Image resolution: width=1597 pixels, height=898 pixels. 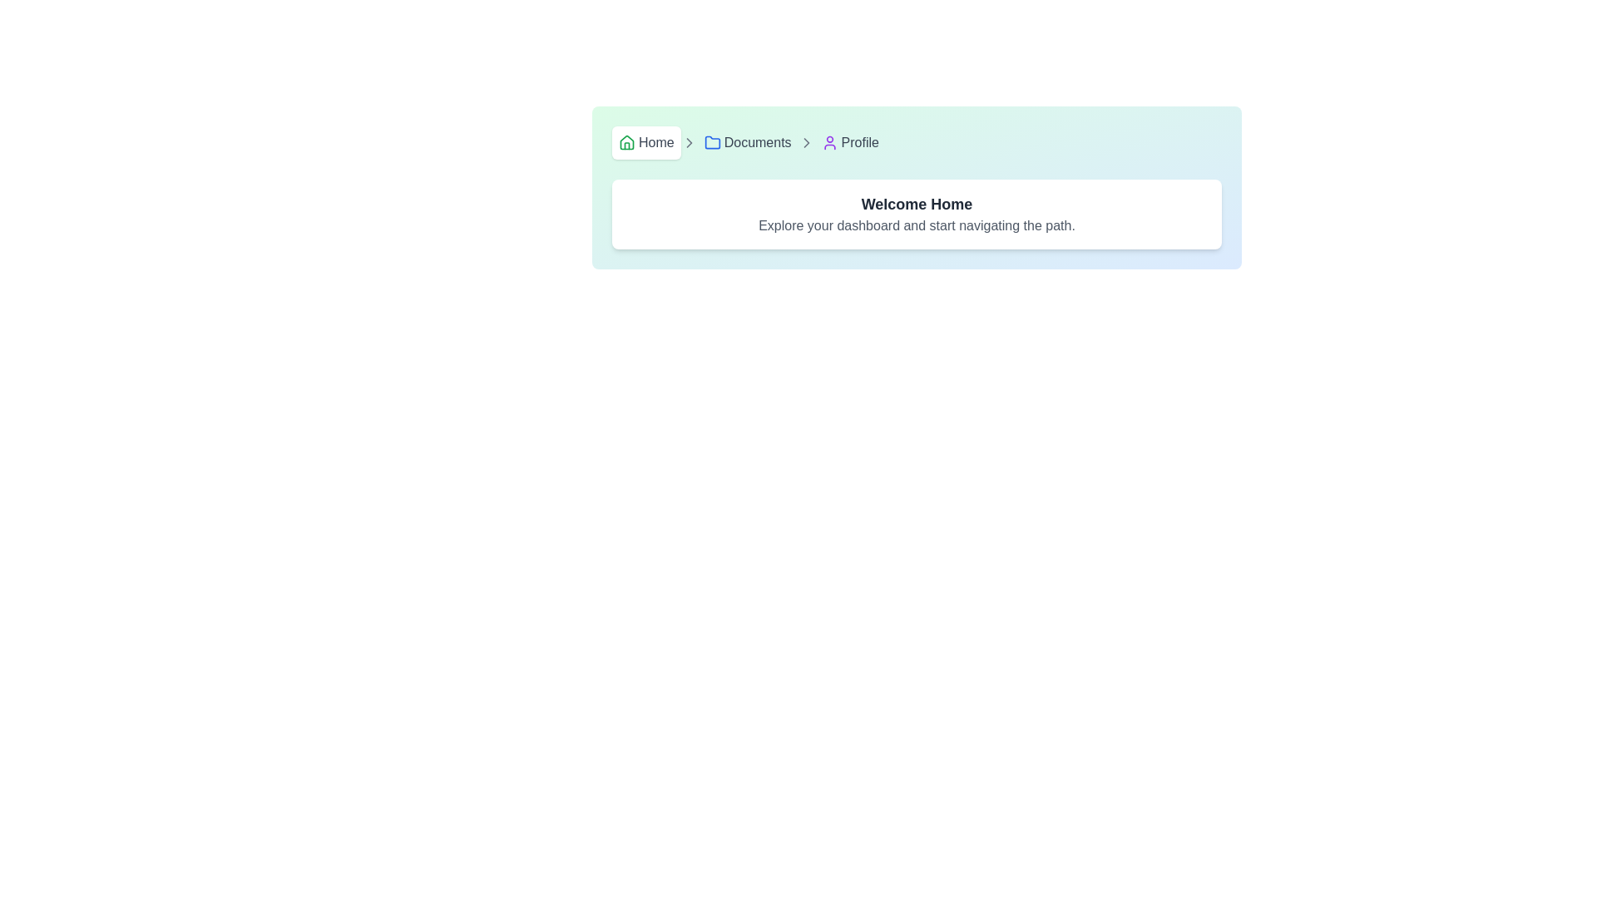 I want to click on the 'folder' icon in the breadcrumb navigation bar, which serves as a visual cue for the 'Documents' section, located near the top left of the interface, so click(x=712, y=141).